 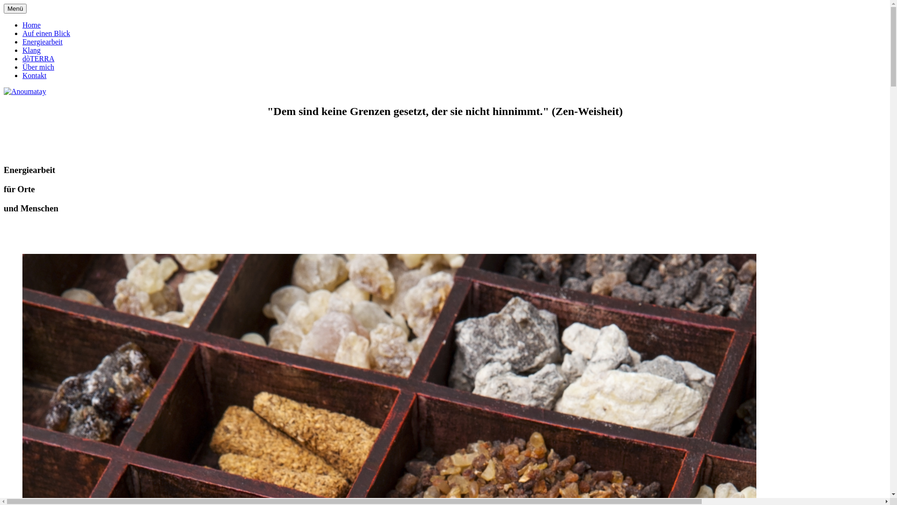 What do you see at coordinates (31, 24) in the screenshot?
I see `'Home'` at bounding box center [31, 24].